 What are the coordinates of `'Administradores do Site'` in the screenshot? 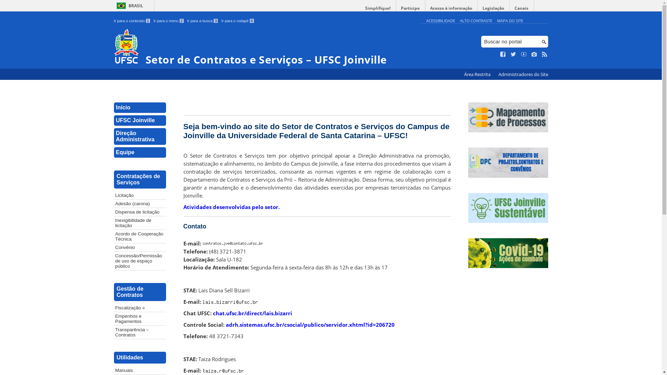 It's located at (523, 74).